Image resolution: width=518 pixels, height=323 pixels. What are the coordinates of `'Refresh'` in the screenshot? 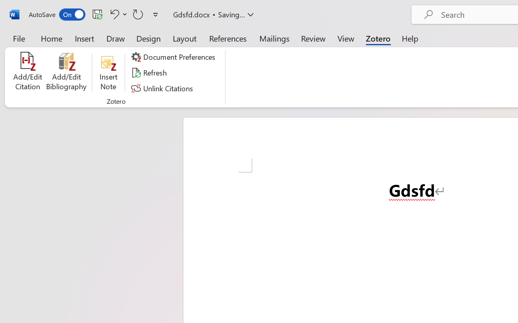 It's located at (150, 72).